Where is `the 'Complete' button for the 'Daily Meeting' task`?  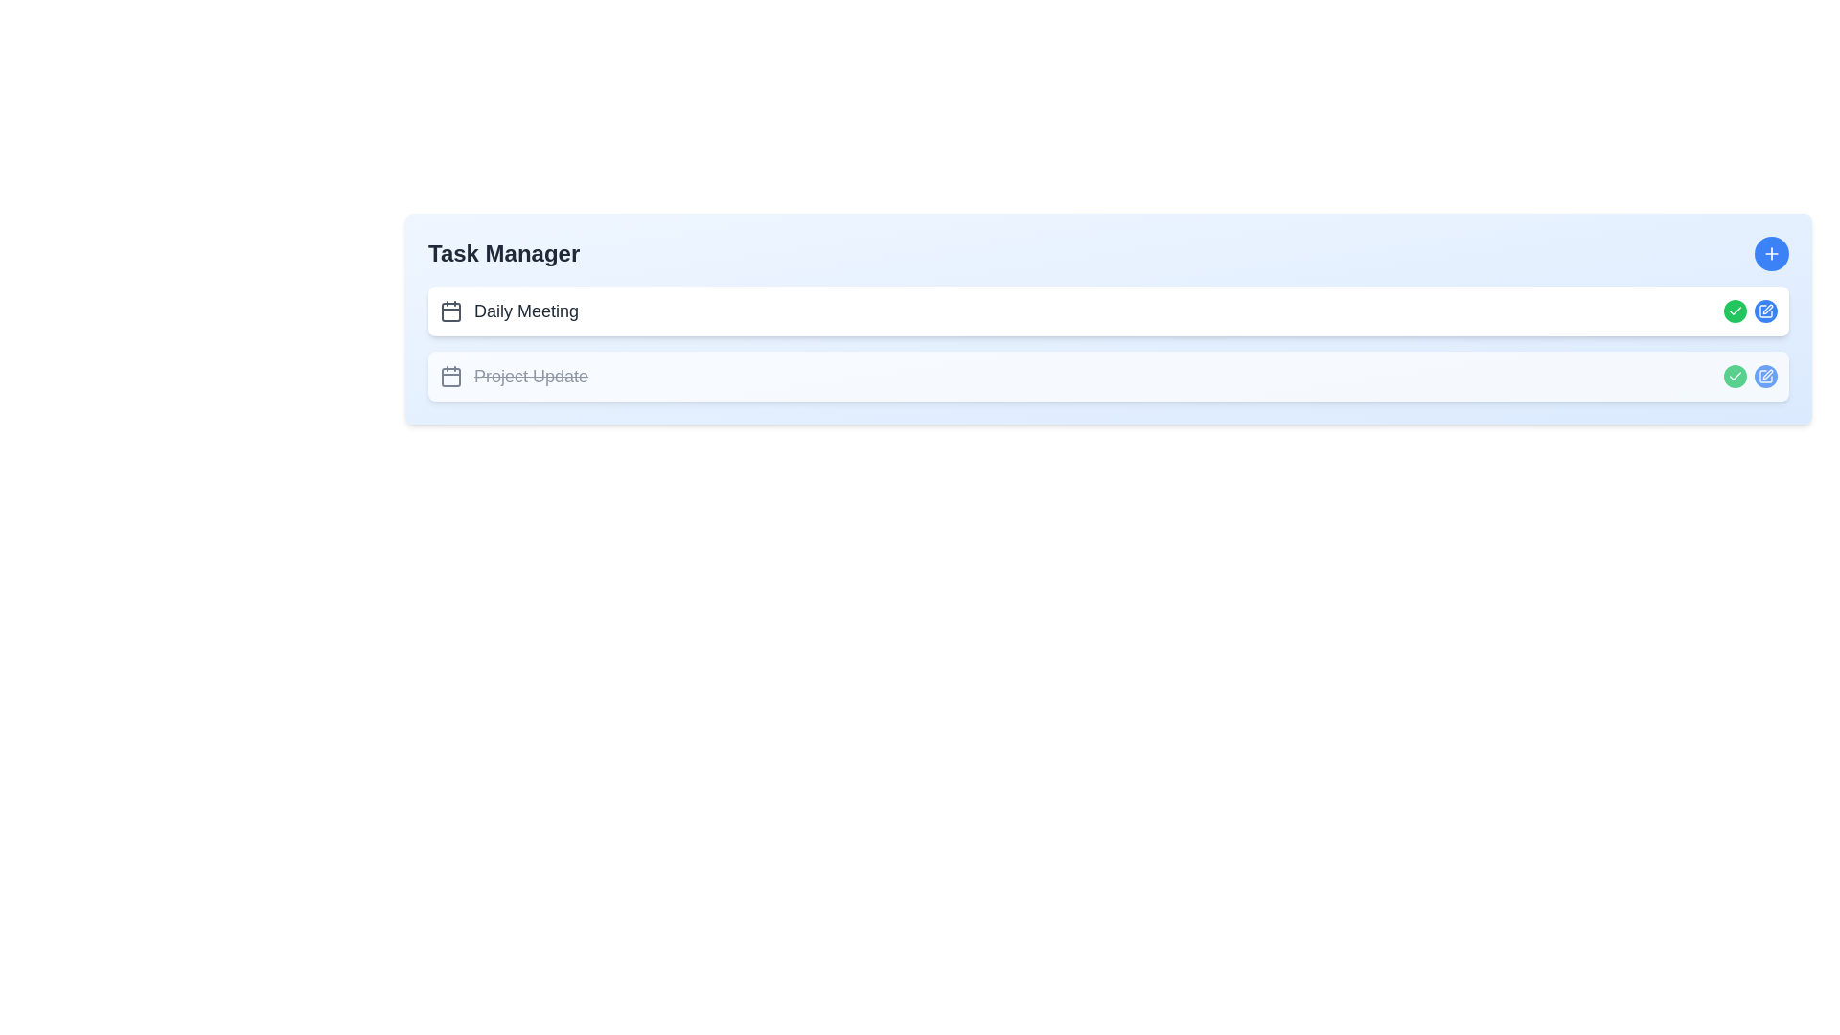 the 'Complete' button for the 'Daily Meeting' task is located at coordinates (1735, 377).